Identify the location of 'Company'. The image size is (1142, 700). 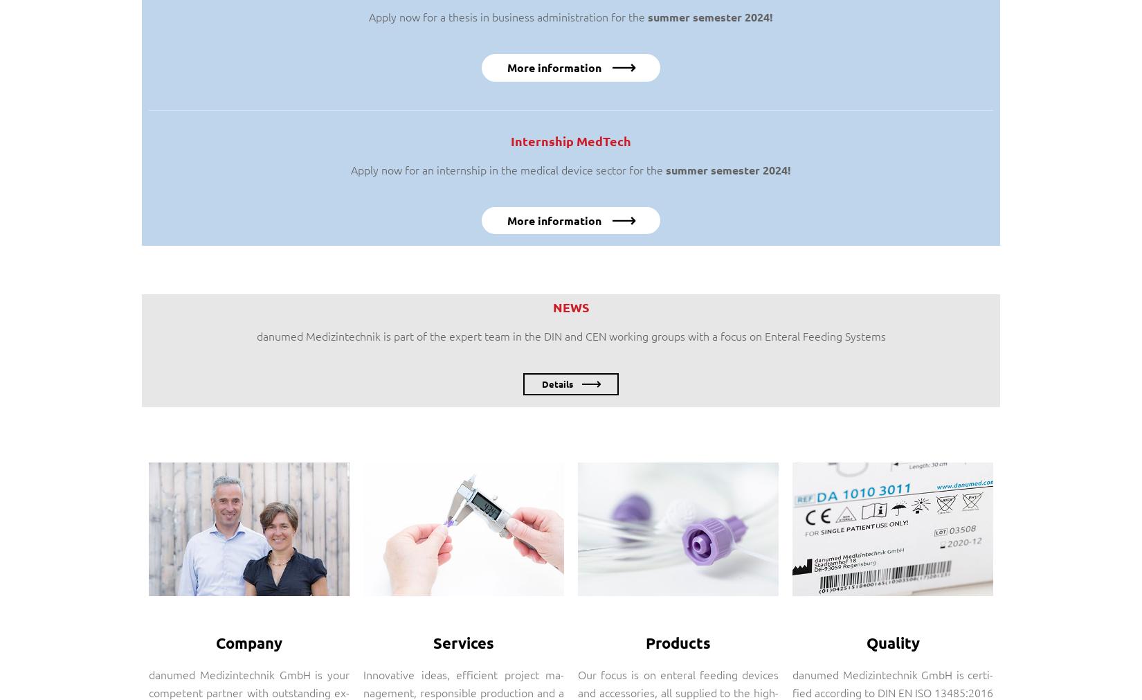
(249, 642).